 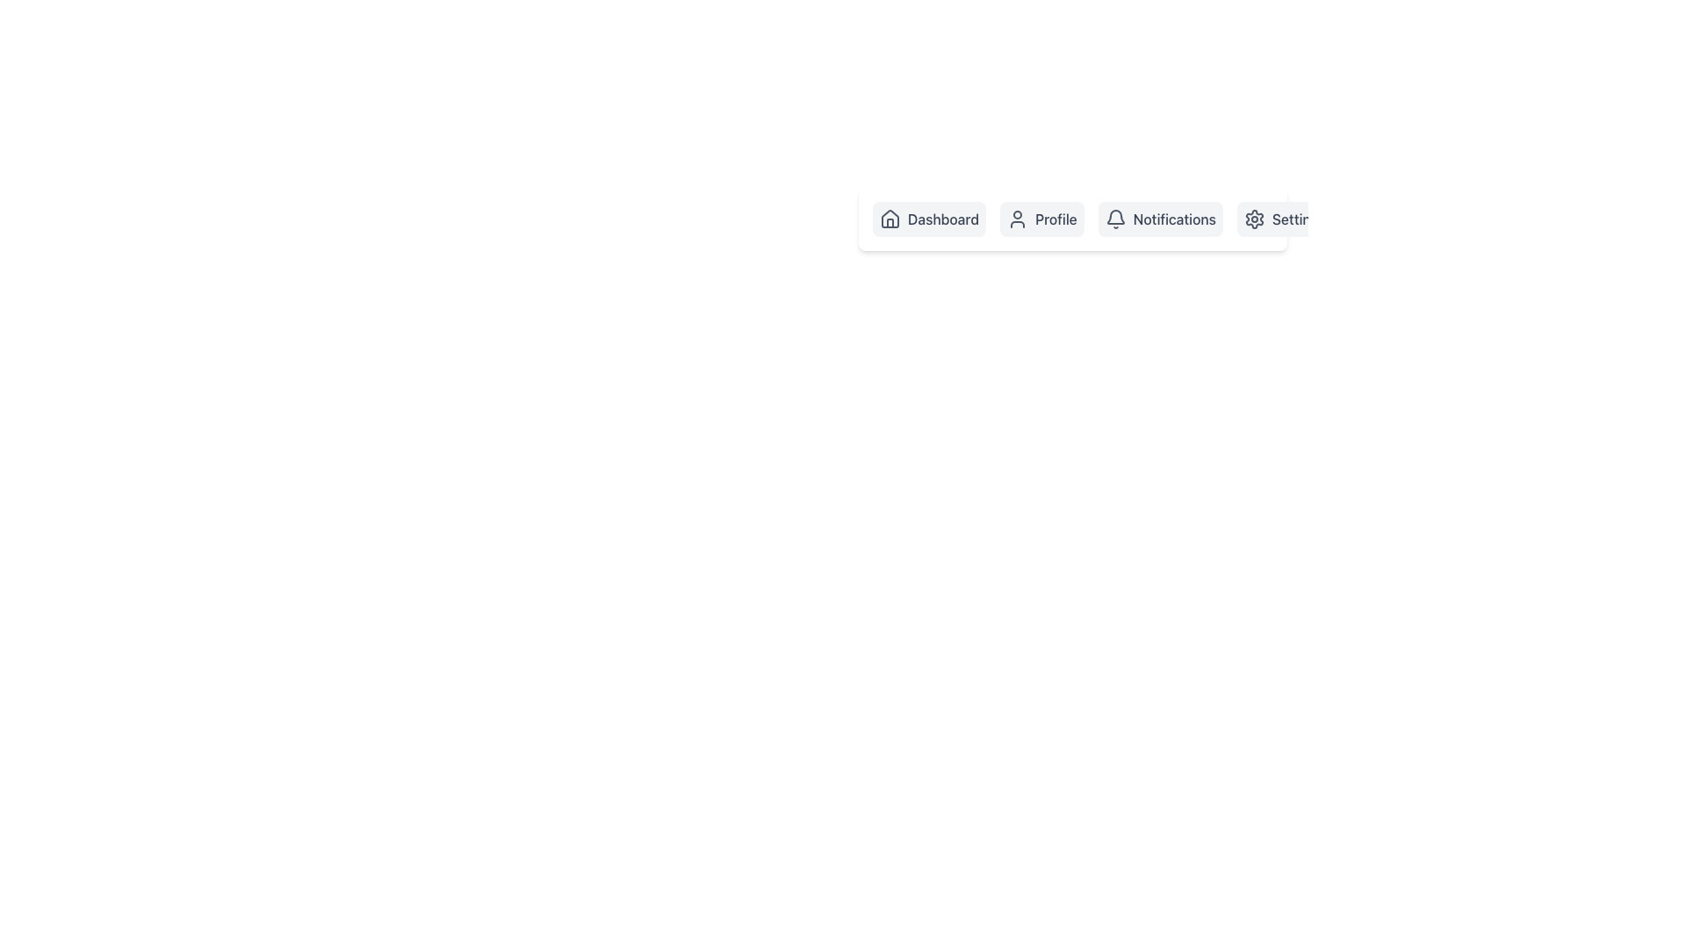 I want to click on the circular gray user icon with a stylized human head and shoulders, located to the left of the 'Profile' text in the navigation bar, so click(x=1018, y=219).